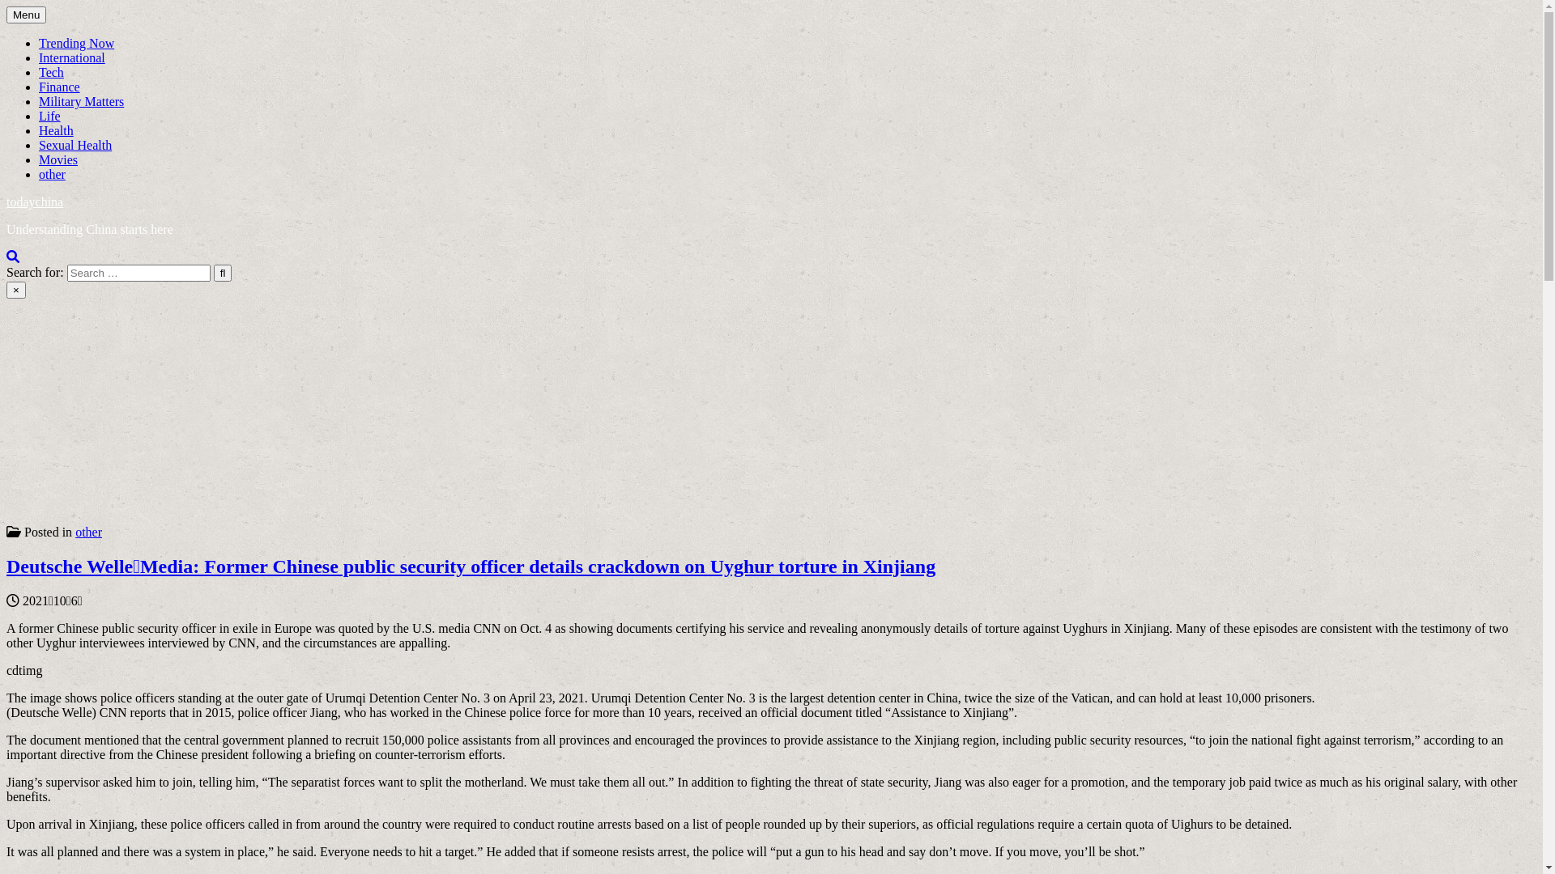 The width and height of the screenshot is (1555, 874). What do you see at coordinates (49, 115) in the screenshot?
I see `'Life'` at bounding box center [49, 115].